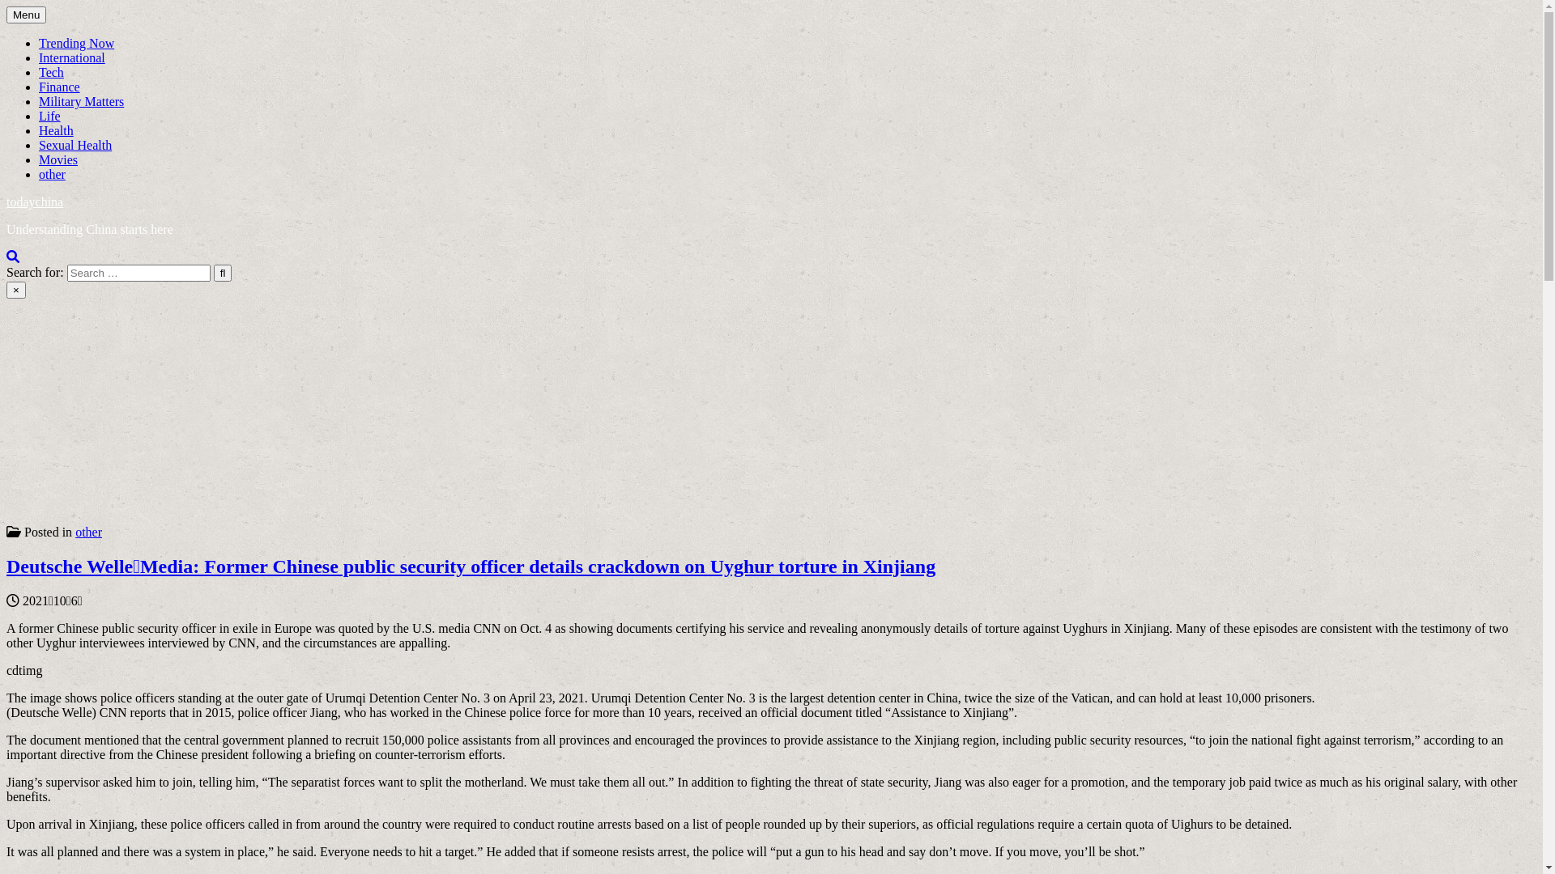 The width and height of the screenshot is (1555, 874). What do you see at coordinates (49, 115) in the screenshot?
I see `'Life'` at bounding box center [49, 115].